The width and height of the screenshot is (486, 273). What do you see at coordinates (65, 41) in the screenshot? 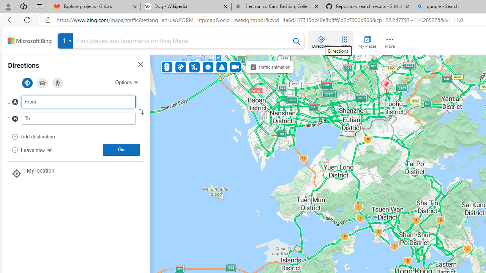
I see `' View all your searches'` at bounding box center [65, 41].